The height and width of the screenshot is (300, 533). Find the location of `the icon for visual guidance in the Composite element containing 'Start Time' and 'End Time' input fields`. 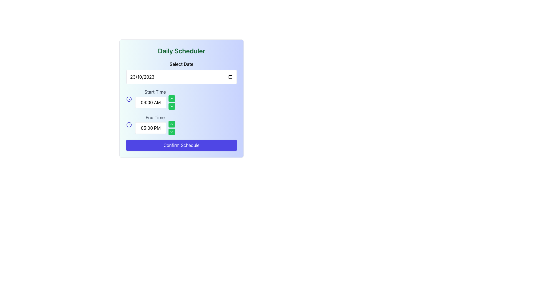

the icon for visual guidance in the Composite element containing 'Start Time' and 'End Time' input fields is located at coordinates (181, 112).